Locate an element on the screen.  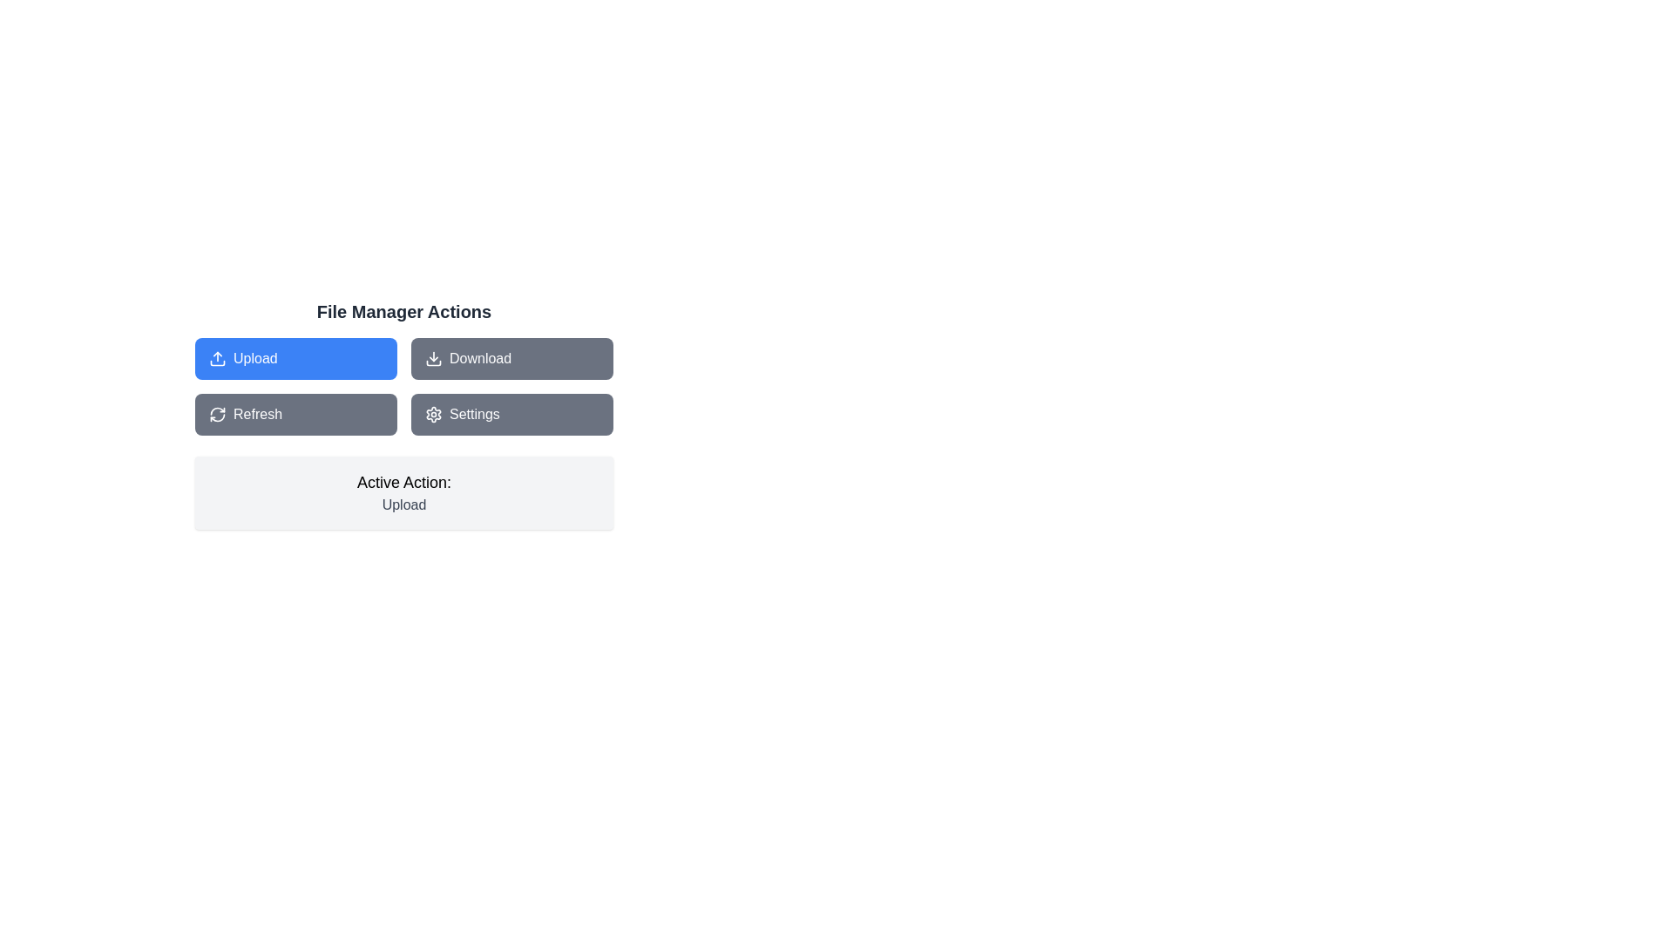
the downward pointing arrow icon located within the 'Download' button in the 'File Manager Actions' section to understand its meaning is located at coordinates (434, 358).